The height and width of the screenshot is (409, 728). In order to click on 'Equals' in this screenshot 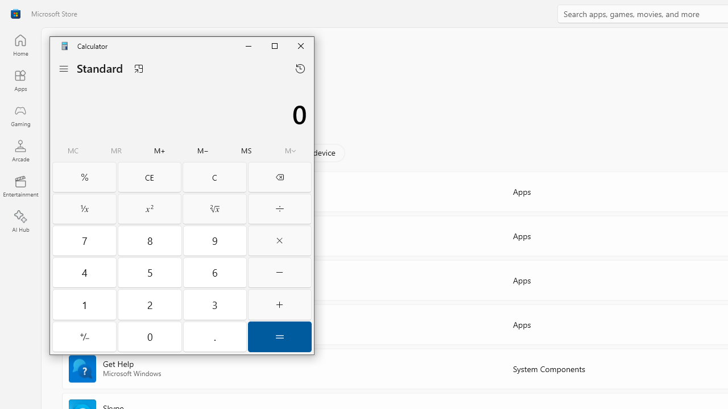, I will do `click(280, 336)`.